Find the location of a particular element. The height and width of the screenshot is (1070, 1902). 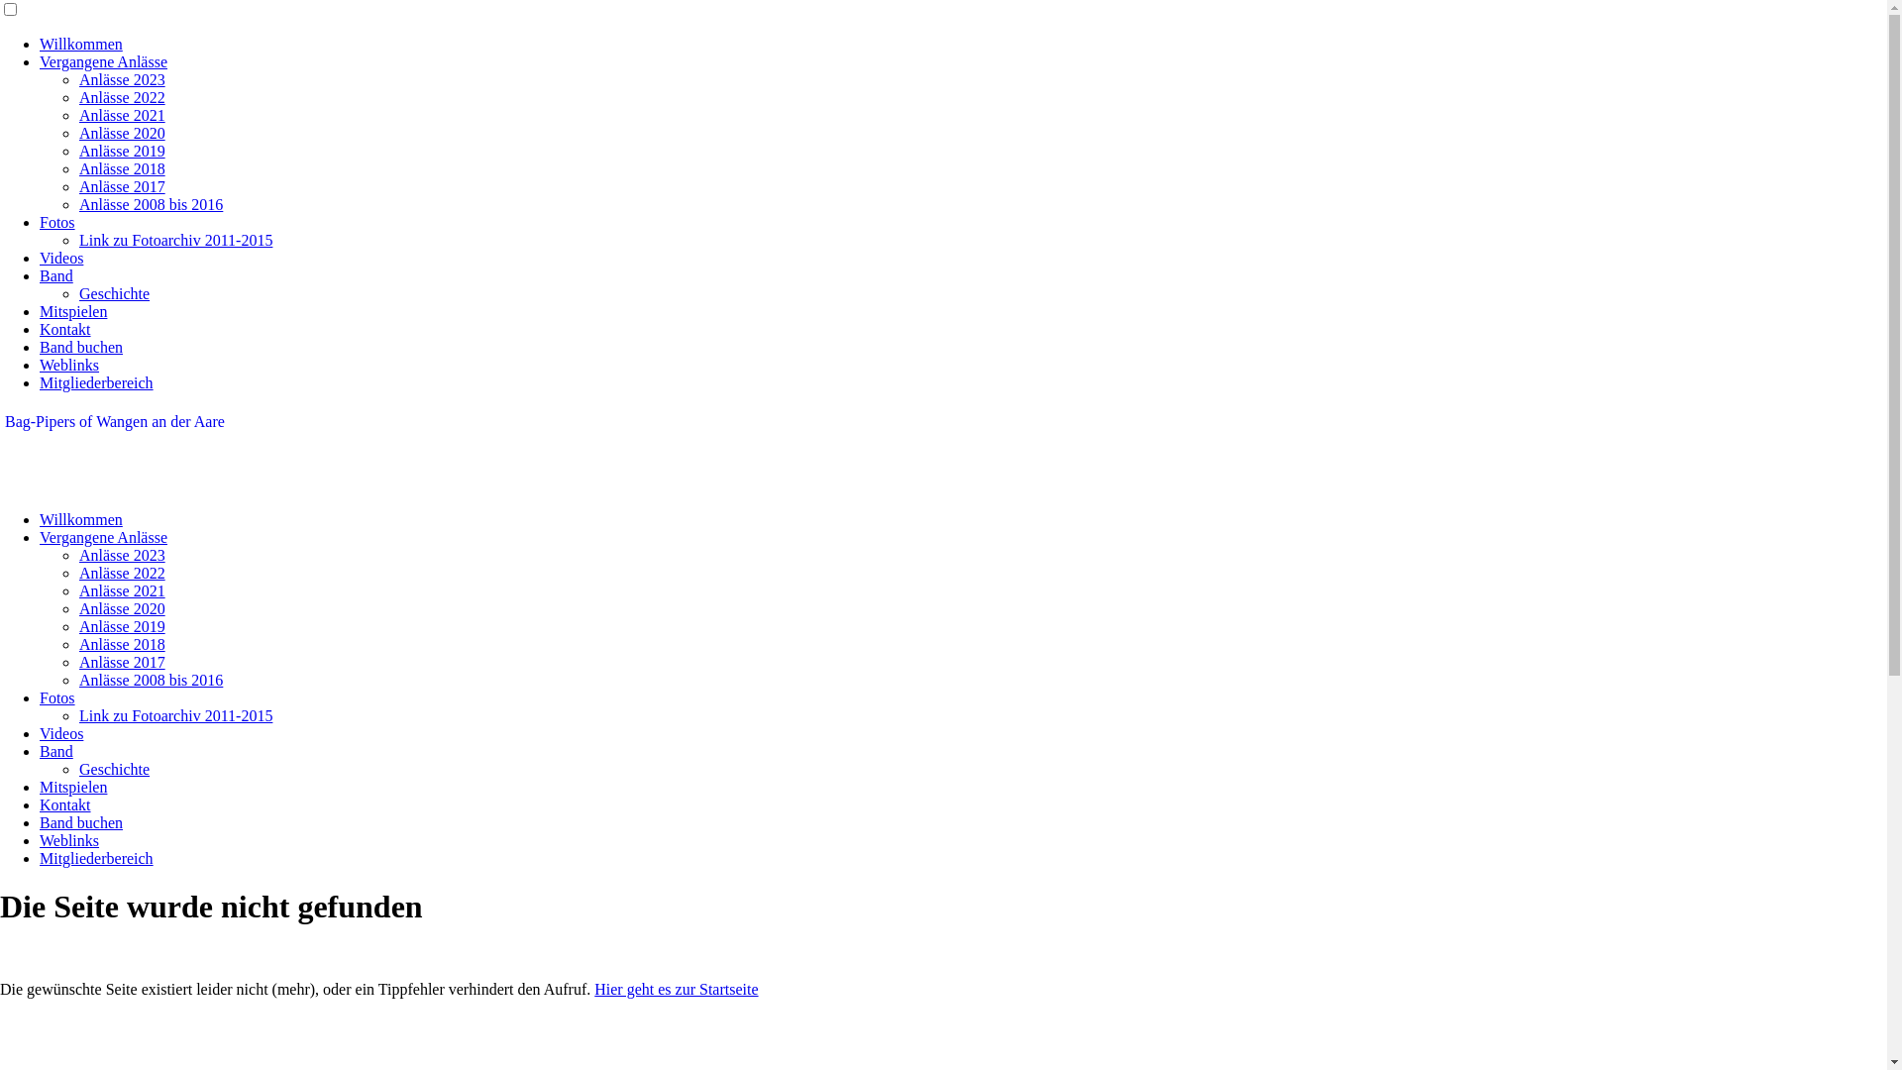

'Fotos' is located at coordinates (56, 696).